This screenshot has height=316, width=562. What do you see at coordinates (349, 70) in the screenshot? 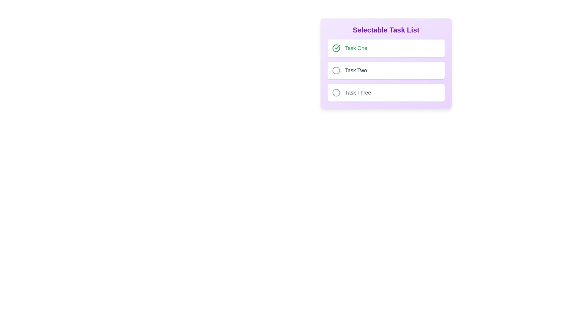
I see `the circular button next to the bold dark-gray text 'Task Two'` at bounding box center [349, 70].